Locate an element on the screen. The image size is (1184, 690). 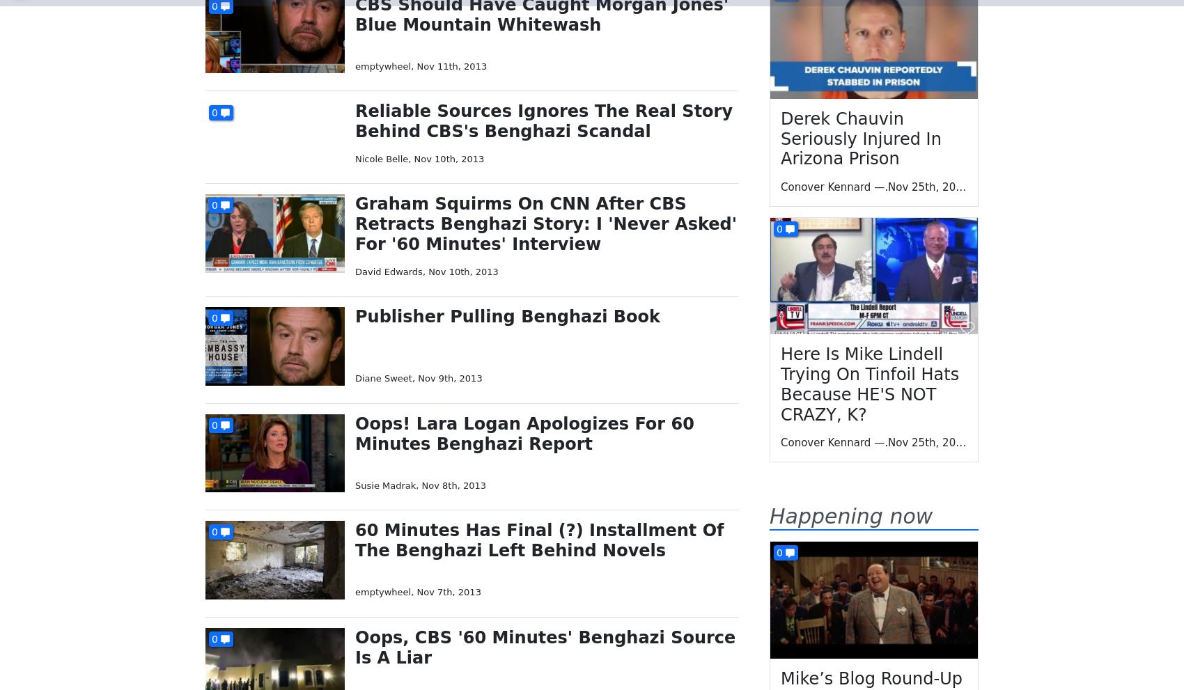
'Nov 11th, 2013' is located at coordinates (451, 65).